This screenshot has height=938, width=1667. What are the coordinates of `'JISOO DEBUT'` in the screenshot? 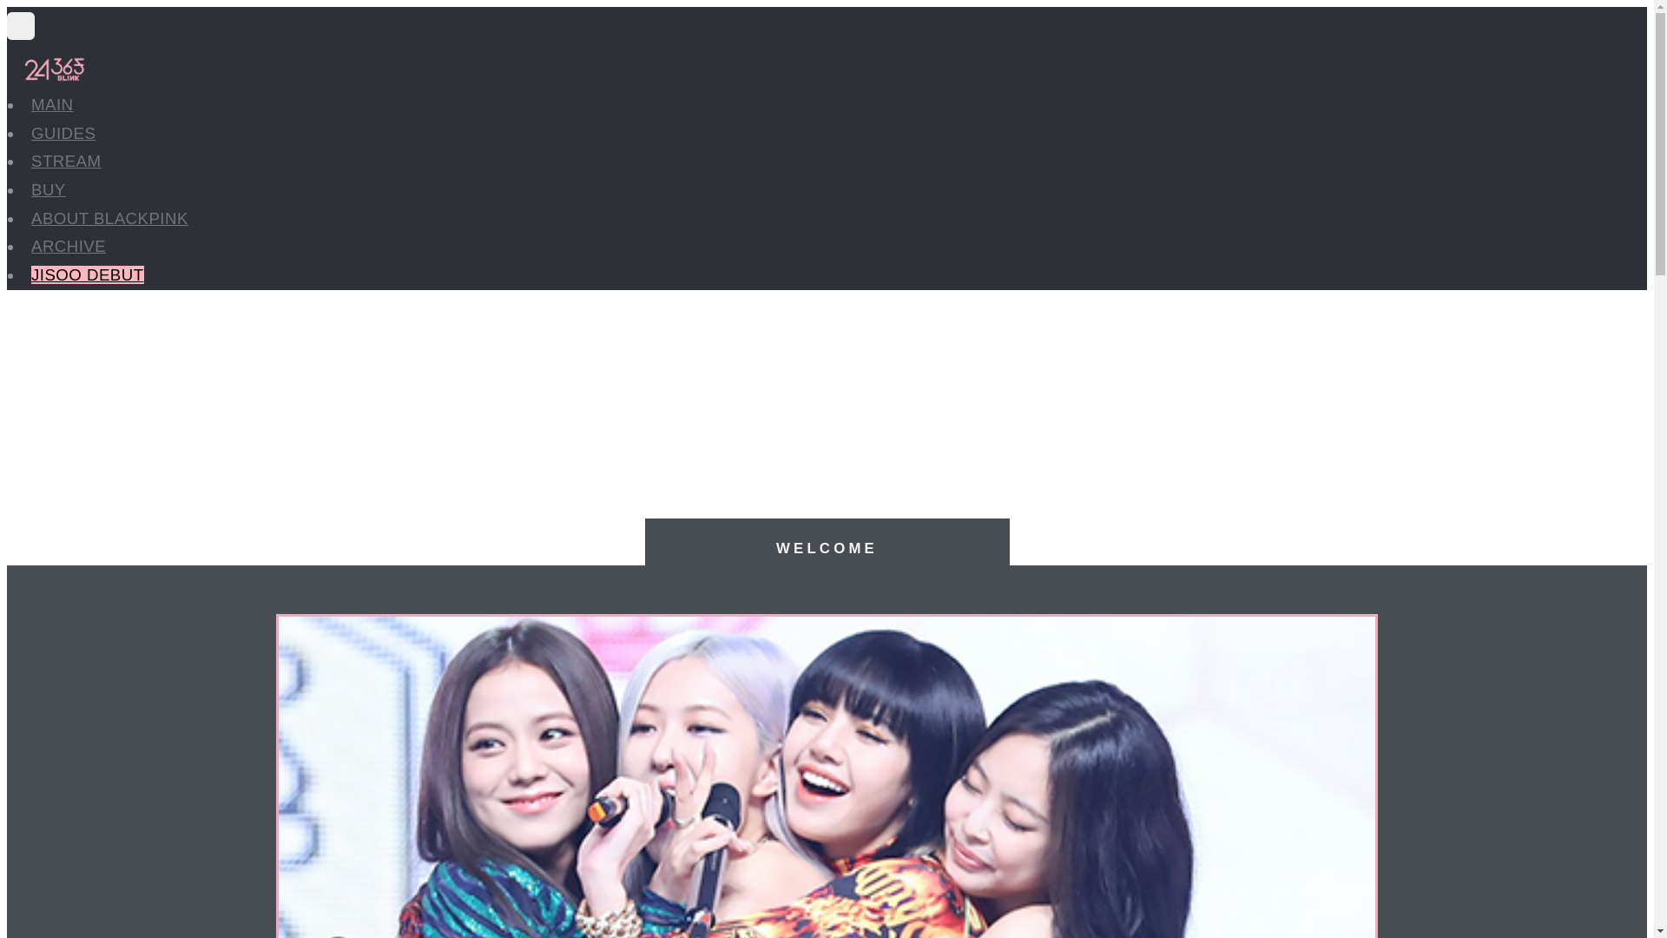 It's located at (30, 274).